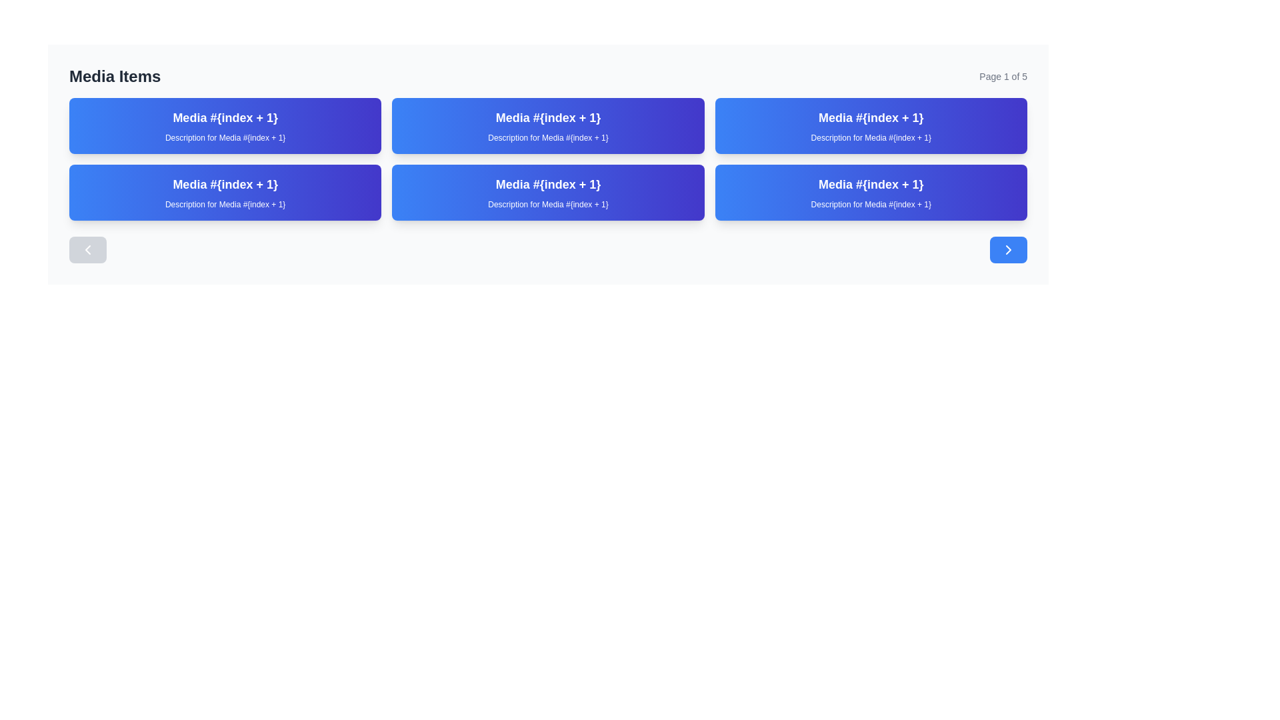  What do you see at coordinates (548, 117) in the screenshot?
I see `the text label that uniquely identifies the media card with placeholder text 'Media #{index + 1}', located in the top row, second card from the left of a grid layout` at bounding box center [548, 117].